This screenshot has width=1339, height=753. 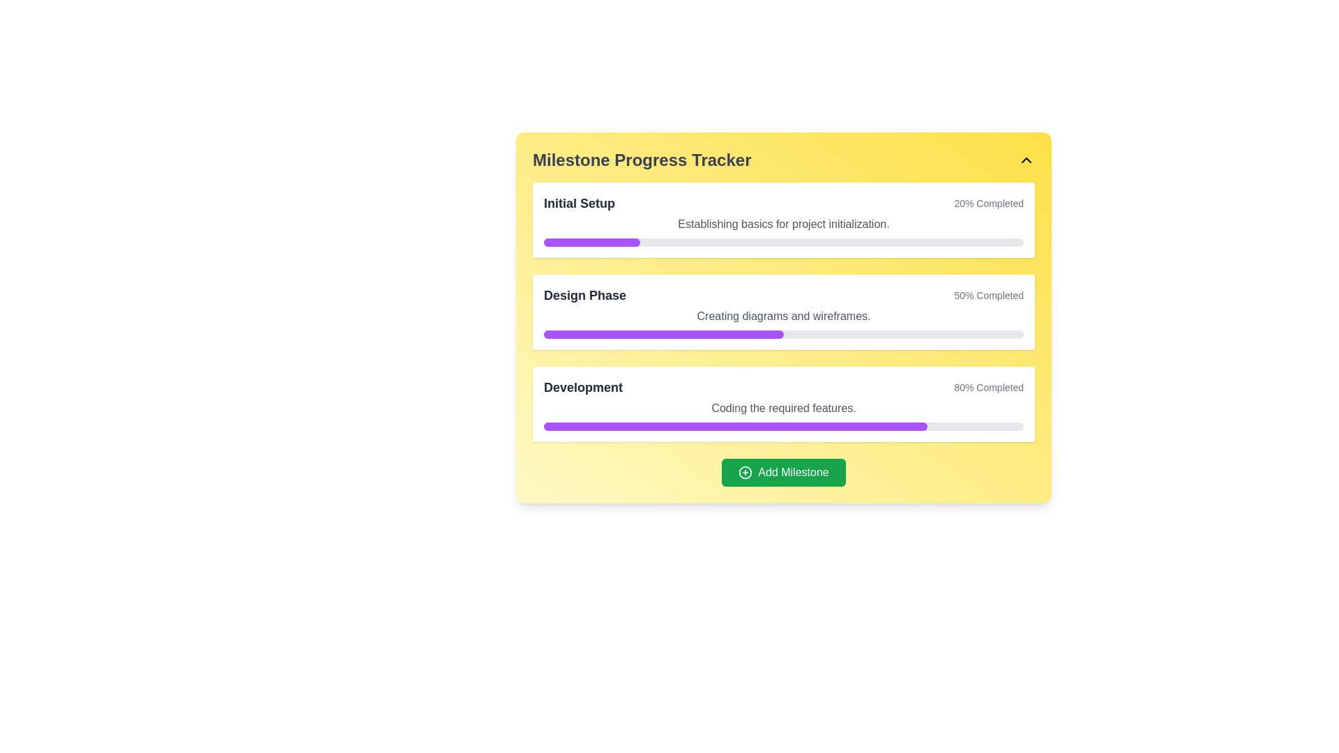 What do you see at coordinates (988, 295) in the screenshot?
I see `the static text label displaying the progress percentage for the 'Design Phase' task, located to the right of the 'Design Phase' title in the middle panel of the progress tracker interface` at bounding box center [988, 295].